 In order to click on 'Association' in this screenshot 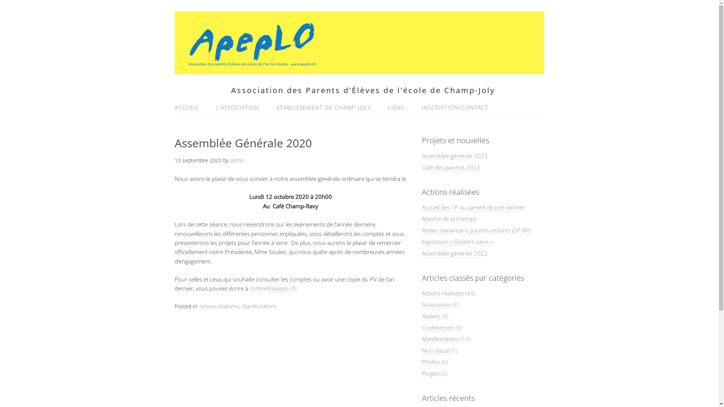, I will do `click(436, 304)`.